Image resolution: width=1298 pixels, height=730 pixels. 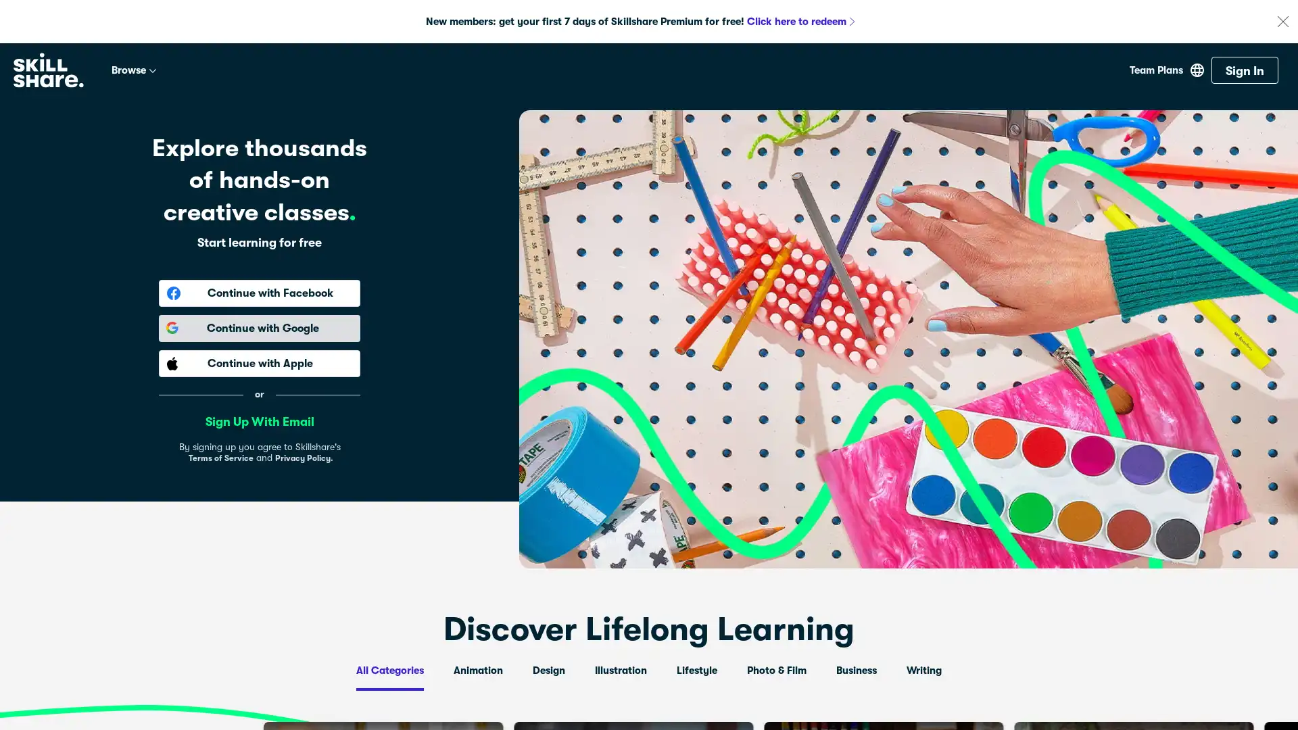 What do you see at coordinates (260, 362) in the screenshot?
I see `Continue with Apple` at bounding box center [260, 362].